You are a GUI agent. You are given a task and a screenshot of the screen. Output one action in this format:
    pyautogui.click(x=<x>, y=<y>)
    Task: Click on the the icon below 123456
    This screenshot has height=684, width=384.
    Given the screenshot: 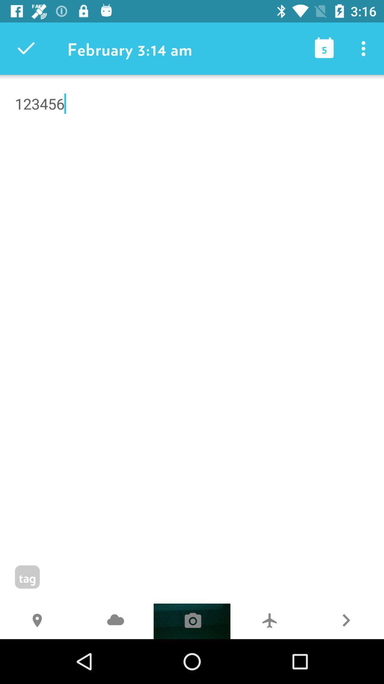 What is the action you would take?
    pyautogui.click(x=345, y=621)
    